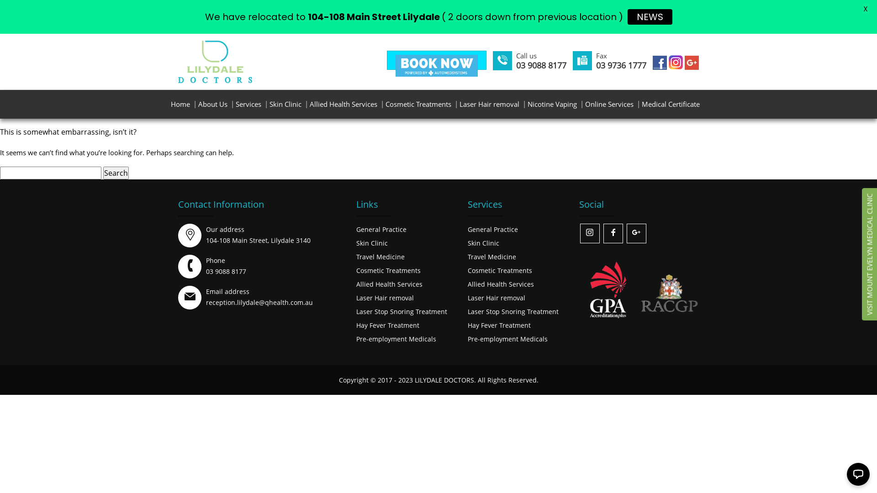 The height and width of the screenshot is (493, 877). What do you see at coordinates (621, 56) in the screenshot?
I see `'Fax` at bounding box center [621, 56].